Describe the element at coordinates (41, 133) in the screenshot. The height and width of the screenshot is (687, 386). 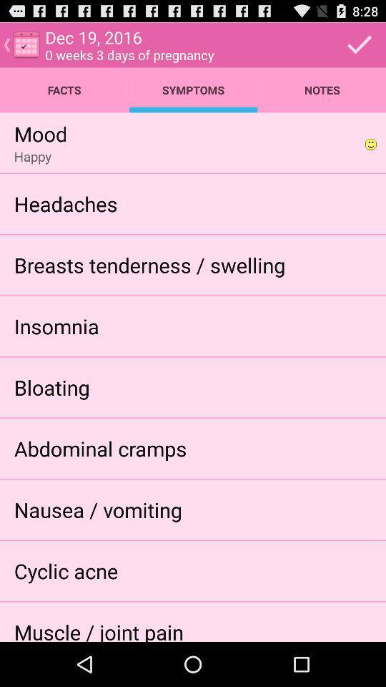
I see `the mood item` at that location.